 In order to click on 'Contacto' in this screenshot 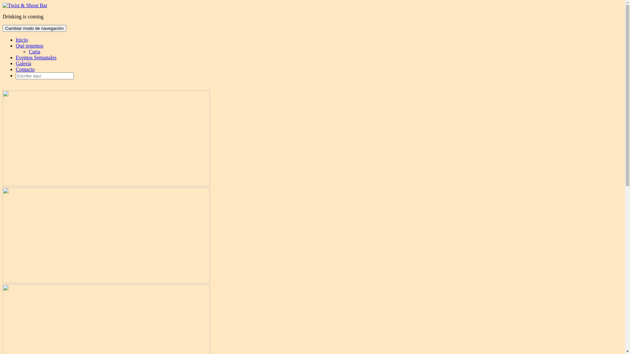, I will do `click(25, 69)`.